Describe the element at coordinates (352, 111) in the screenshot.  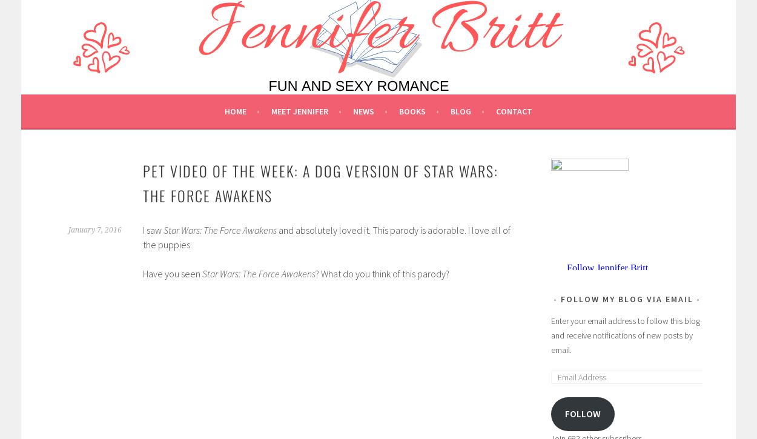
I see `'News'` at that location.